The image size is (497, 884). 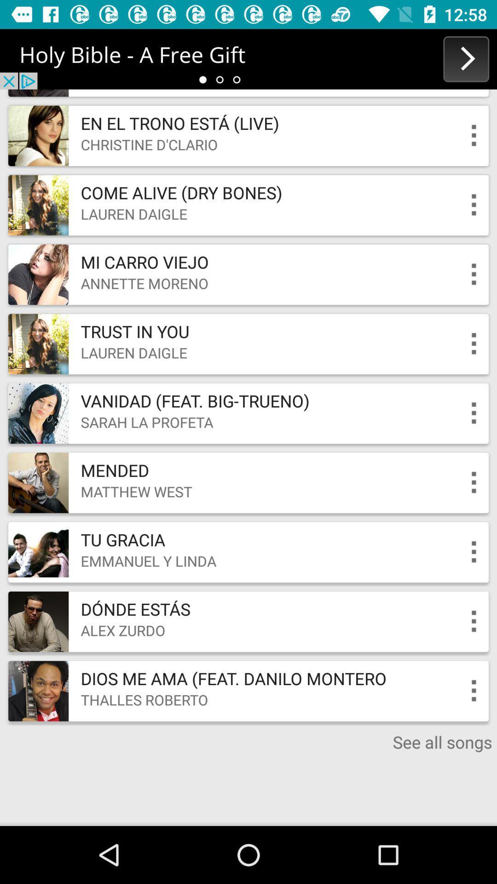 What do you see at coordinates (474, 135) in the screenshot?
I see `three dots below right arrow` at bounding box center [474, 135].